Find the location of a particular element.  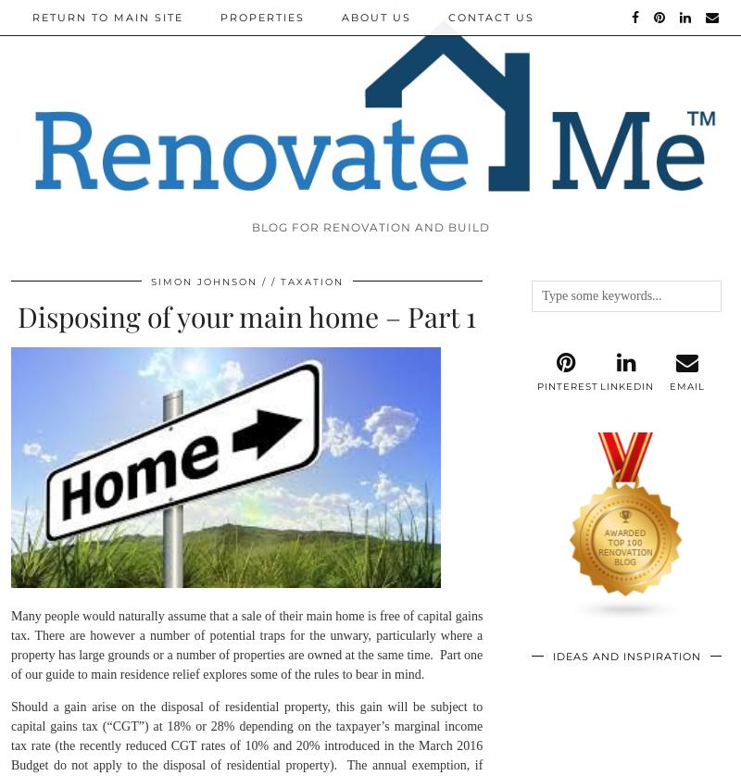

'Email' is located at coordinates (687, 385).